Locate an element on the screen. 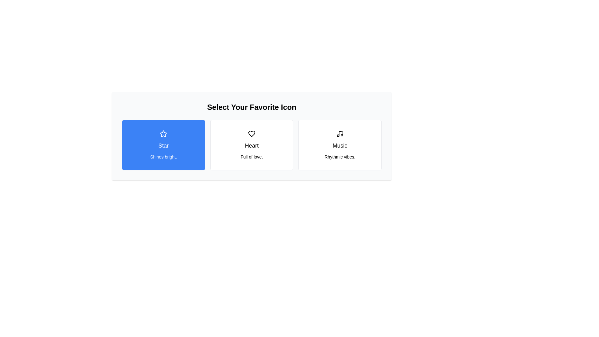  'Music' text label, which is displayed in bold and located within the rightmost music card, beneath a music note icon and above the description 'Rhythmic vibes' is located at coordinates (339, 145).